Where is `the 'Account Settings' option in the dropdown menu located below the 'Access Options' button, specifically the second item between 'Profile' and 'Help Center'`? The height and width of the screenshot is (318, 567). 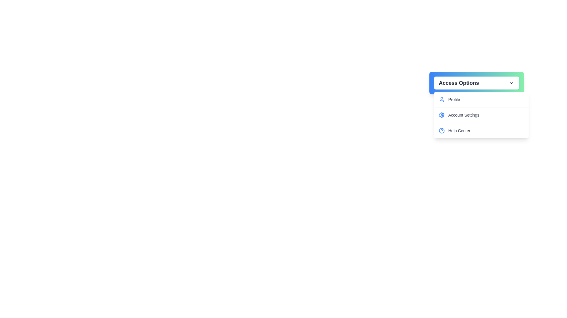 the 'Account Settings' option in the dropdown menu located below the 'Access Options' button, specifically the second item between 'Profile' and 'Help Center' is located at coordinates (481, 115).